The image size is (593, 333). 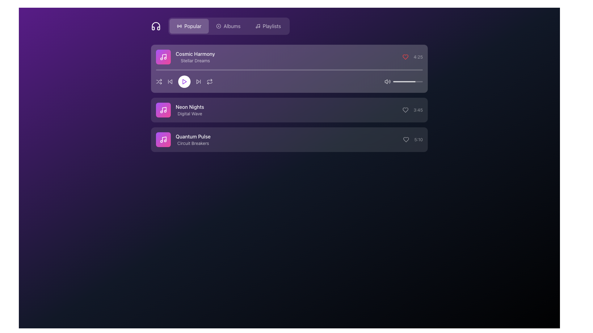 What do you see at coordinates (289, 110) in the screenshot?
I see `the second card in the vertical list, labeled 'Neon Nights'` at bounding box center [289, 110].